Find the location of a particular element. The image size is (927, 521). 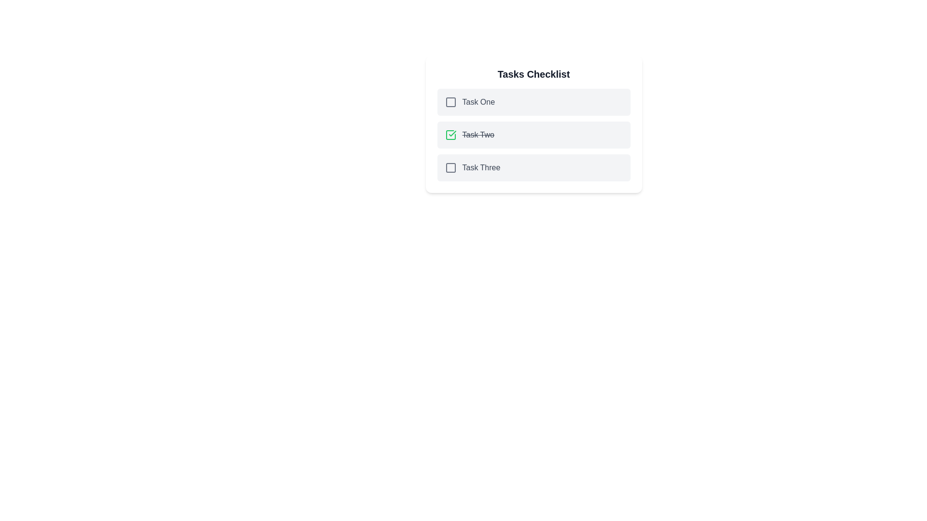

the checkbox indicating the state of 'Task One' in the checklist is located at coordinates (450, 102).